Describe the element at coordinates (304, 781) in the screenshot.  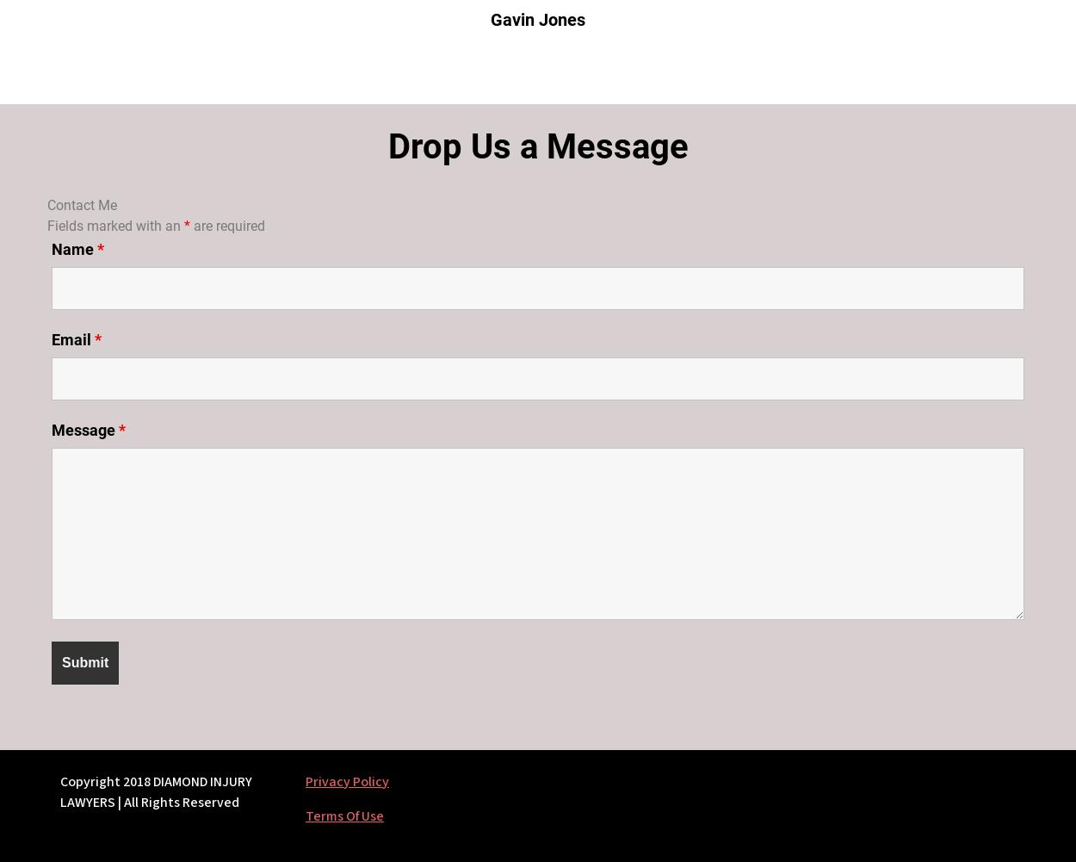
I see `'Privacy Policy'` at that location.